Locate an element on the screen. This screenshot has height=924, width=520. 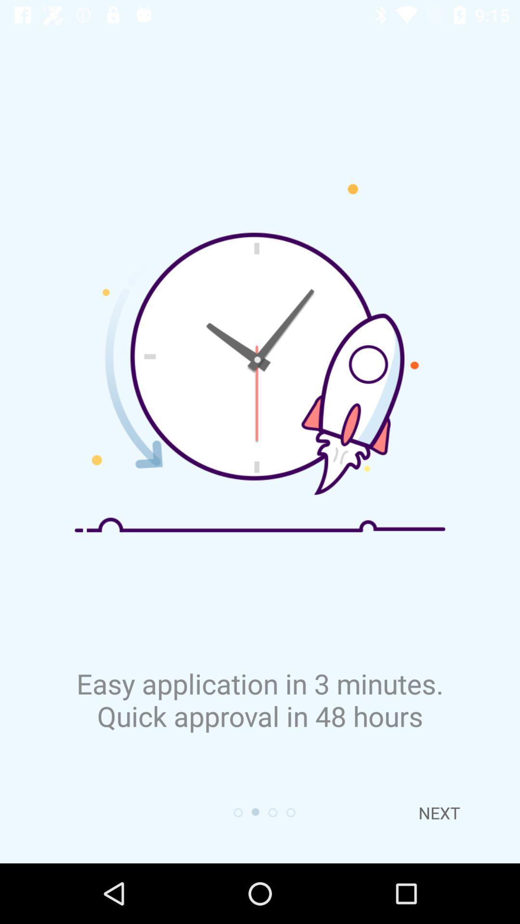
the next is located at coordinates (439, 812).